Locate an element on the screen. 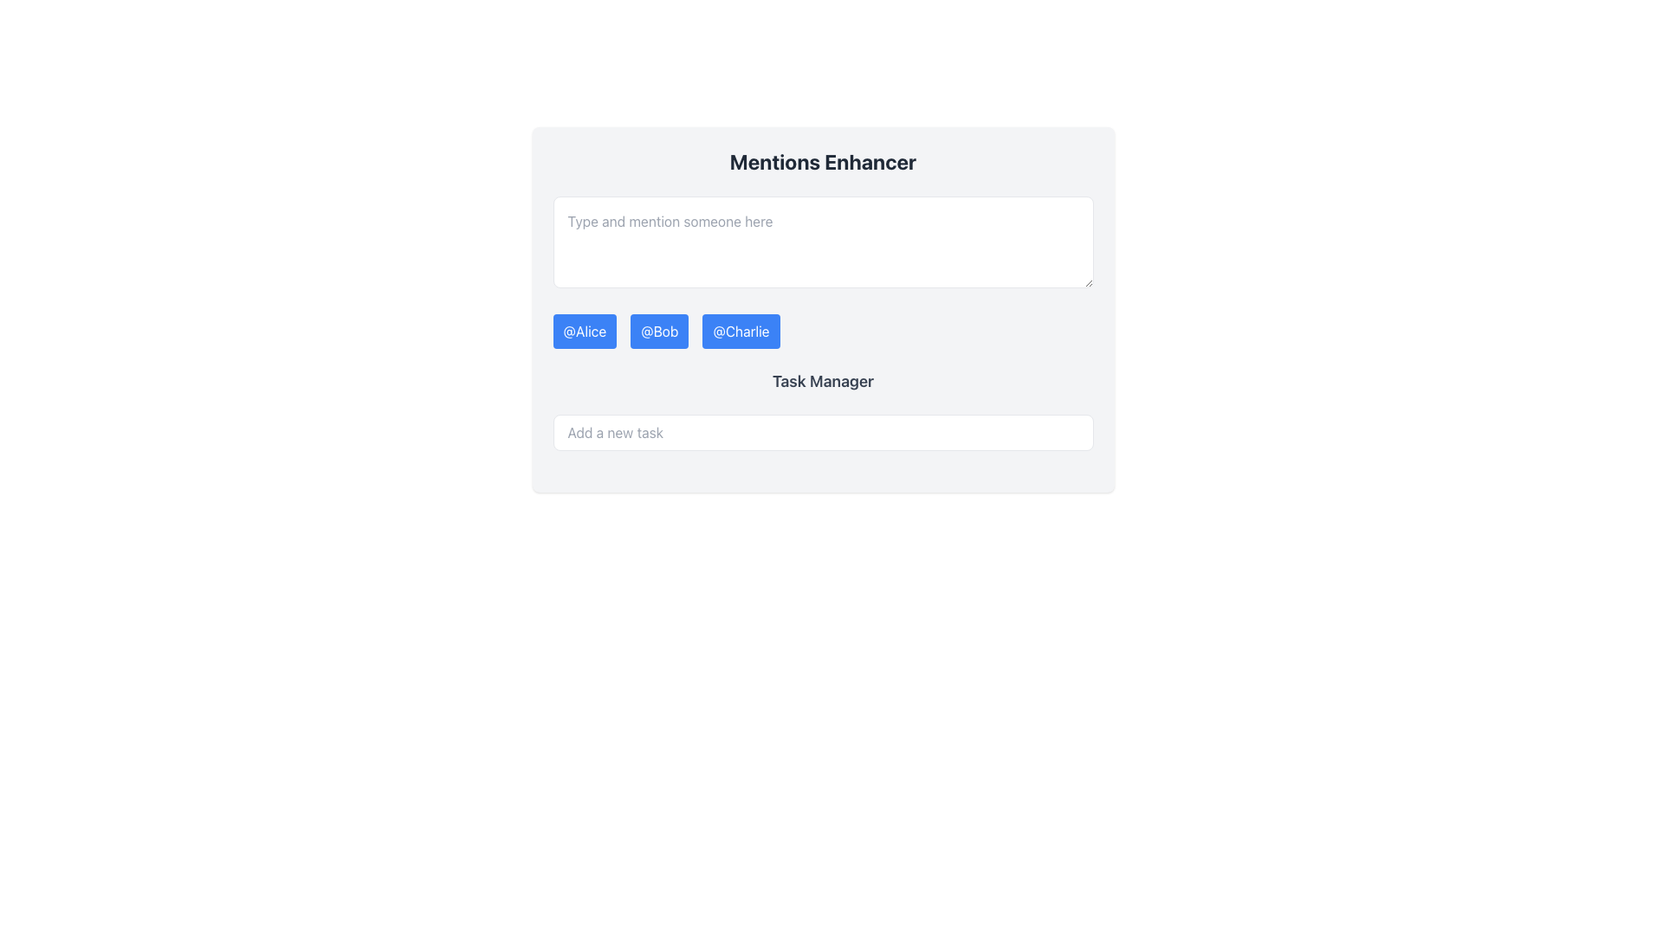  the text label displaying 'Task Manager', which is styled in a large bold font and is located between a row of buttons and a text input field is located at coordinates (822, 380).